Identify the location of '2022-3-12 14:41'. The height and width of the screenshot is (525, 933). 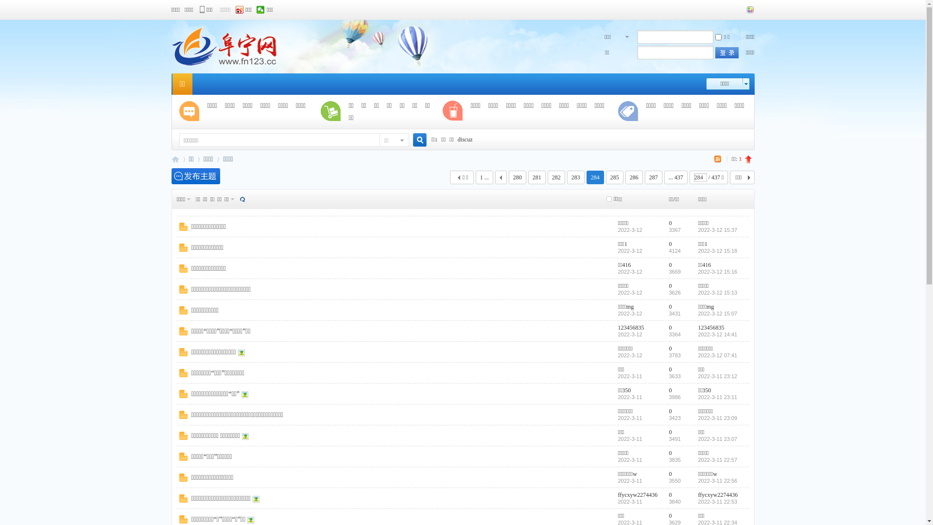
(717, 333).